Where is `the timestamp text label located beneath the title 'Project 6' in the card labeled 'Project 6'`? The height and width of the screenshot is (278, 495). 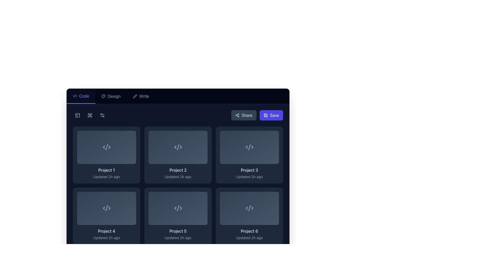
the timestamp text label located beneath the title 'Project 6' in the card labeled 'Project 6' is located at coordinates (249, 238).